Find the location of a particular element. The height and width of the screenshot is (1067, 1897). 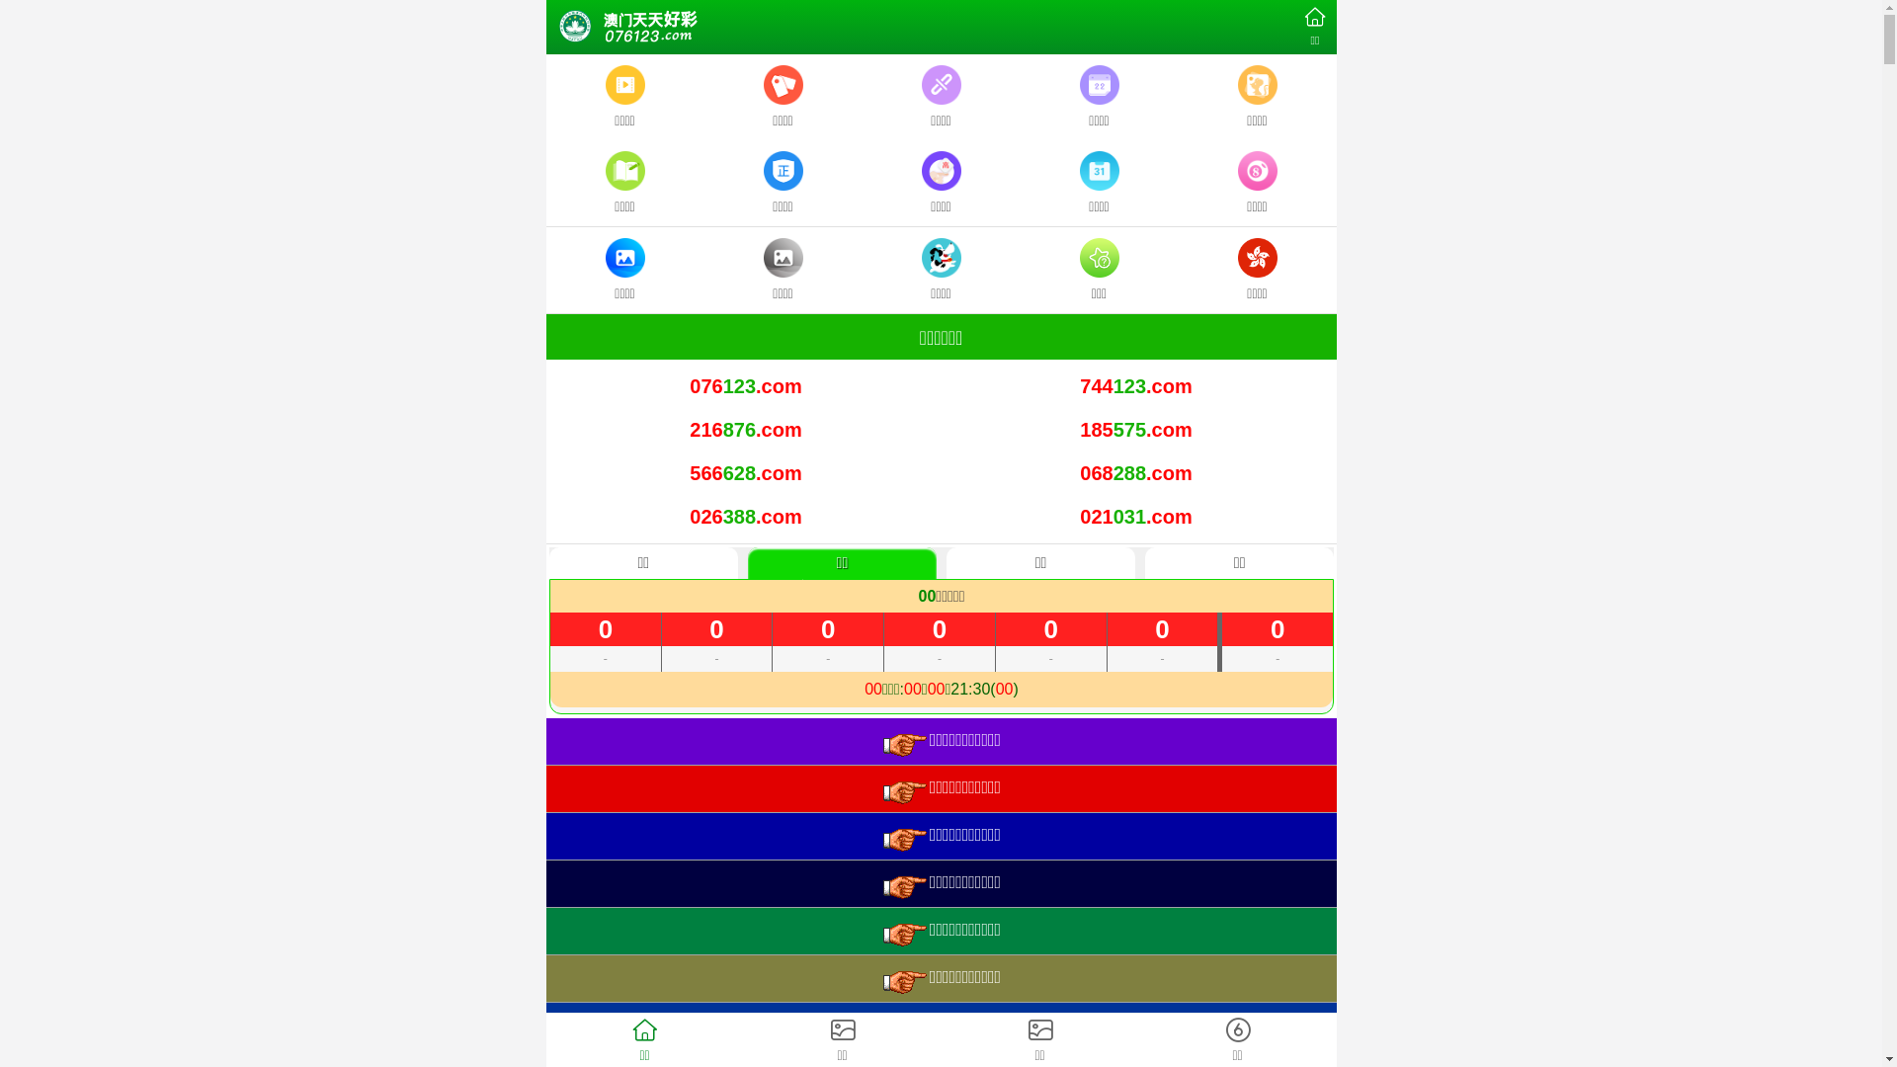

'185575.com' is located at coordinates (1135, 429).